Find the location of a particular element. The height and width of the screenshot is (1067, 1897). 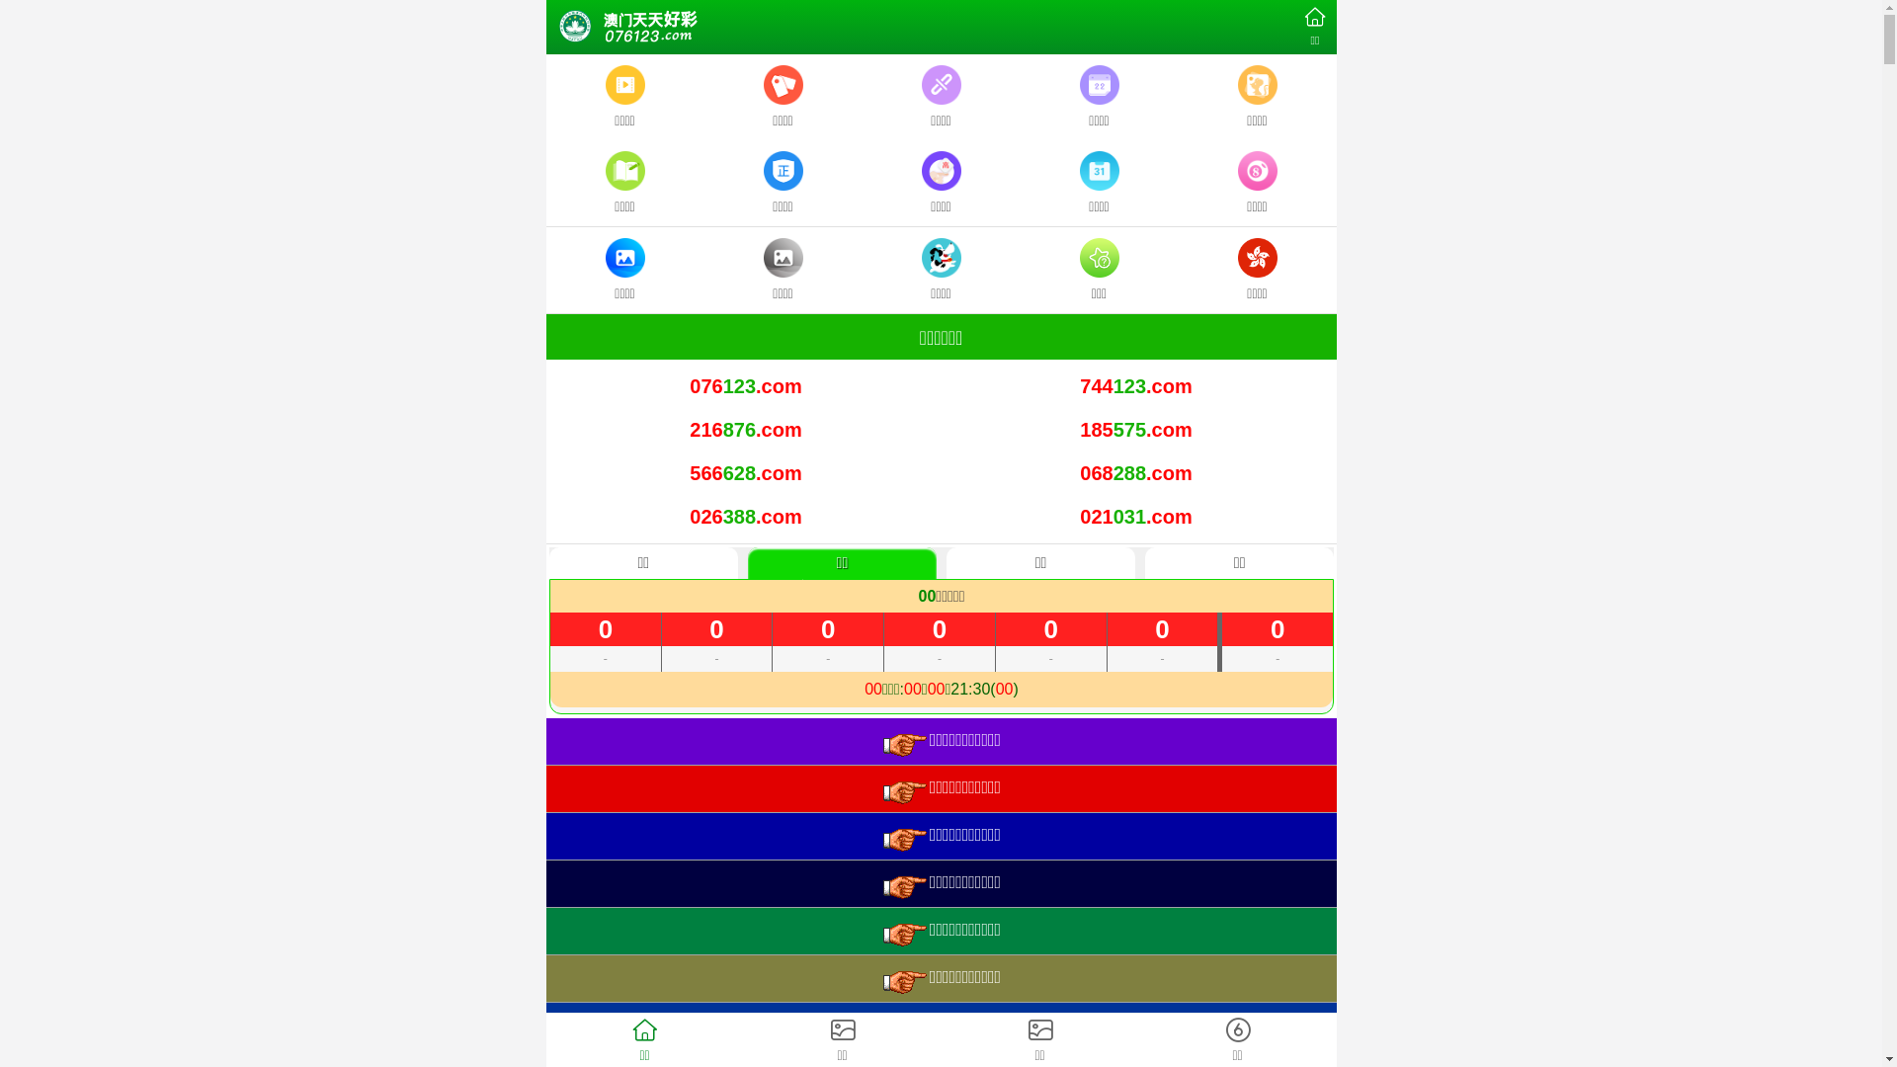

'185575.com' is located at coordinates (1135, 429).